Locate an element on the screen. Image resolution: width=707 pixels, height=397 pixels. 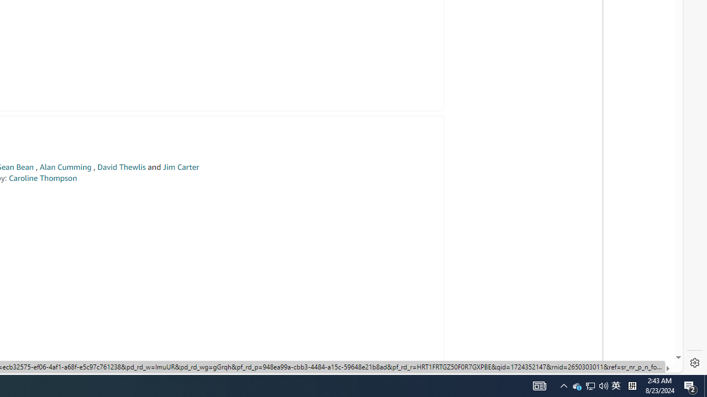
'Jim Carter' is located at coordinates (181, 167).